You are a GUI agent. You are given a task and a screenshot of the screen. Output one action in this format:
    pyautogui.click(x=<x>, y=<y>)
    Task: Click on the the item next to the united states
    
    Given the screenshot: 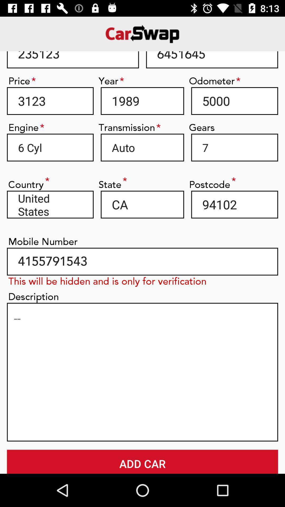 What is the action you would take?
    pyautogui.click(x=142, y=204)
    